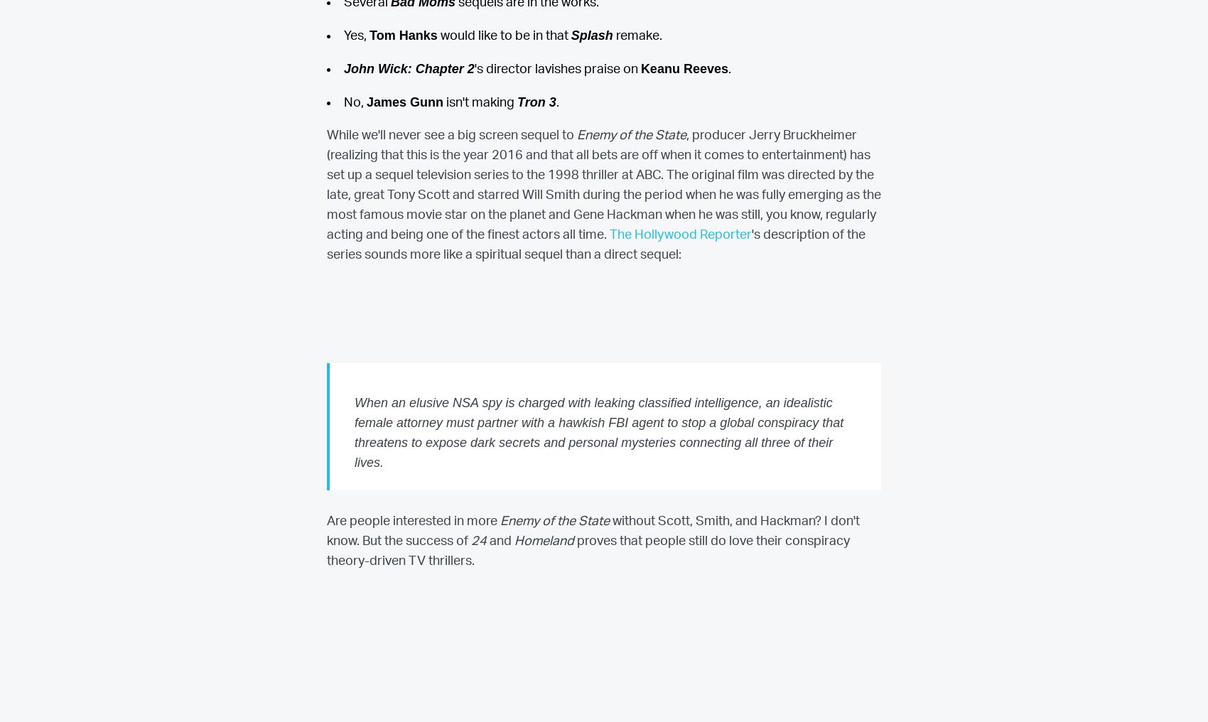  Describe the element at coordinates (479, 540) in the screenshot. I see `'24'` at that location.